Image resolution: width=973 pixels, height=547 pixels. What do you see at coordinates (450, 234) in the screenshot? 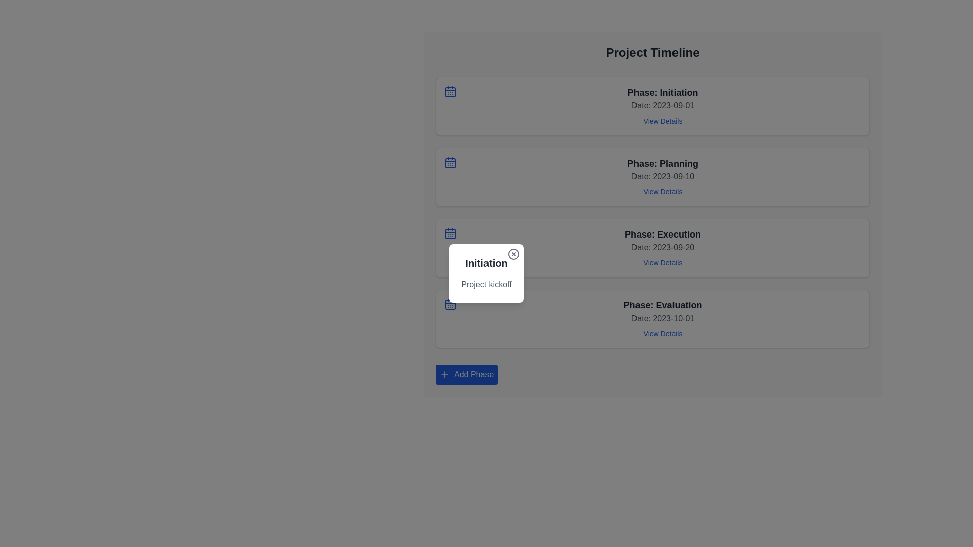
I see `the rounded rectangle decorative graphical component embedded within the calendar icon to the left of the 'Phase: Execution' section` at bounding box center [450, 234].